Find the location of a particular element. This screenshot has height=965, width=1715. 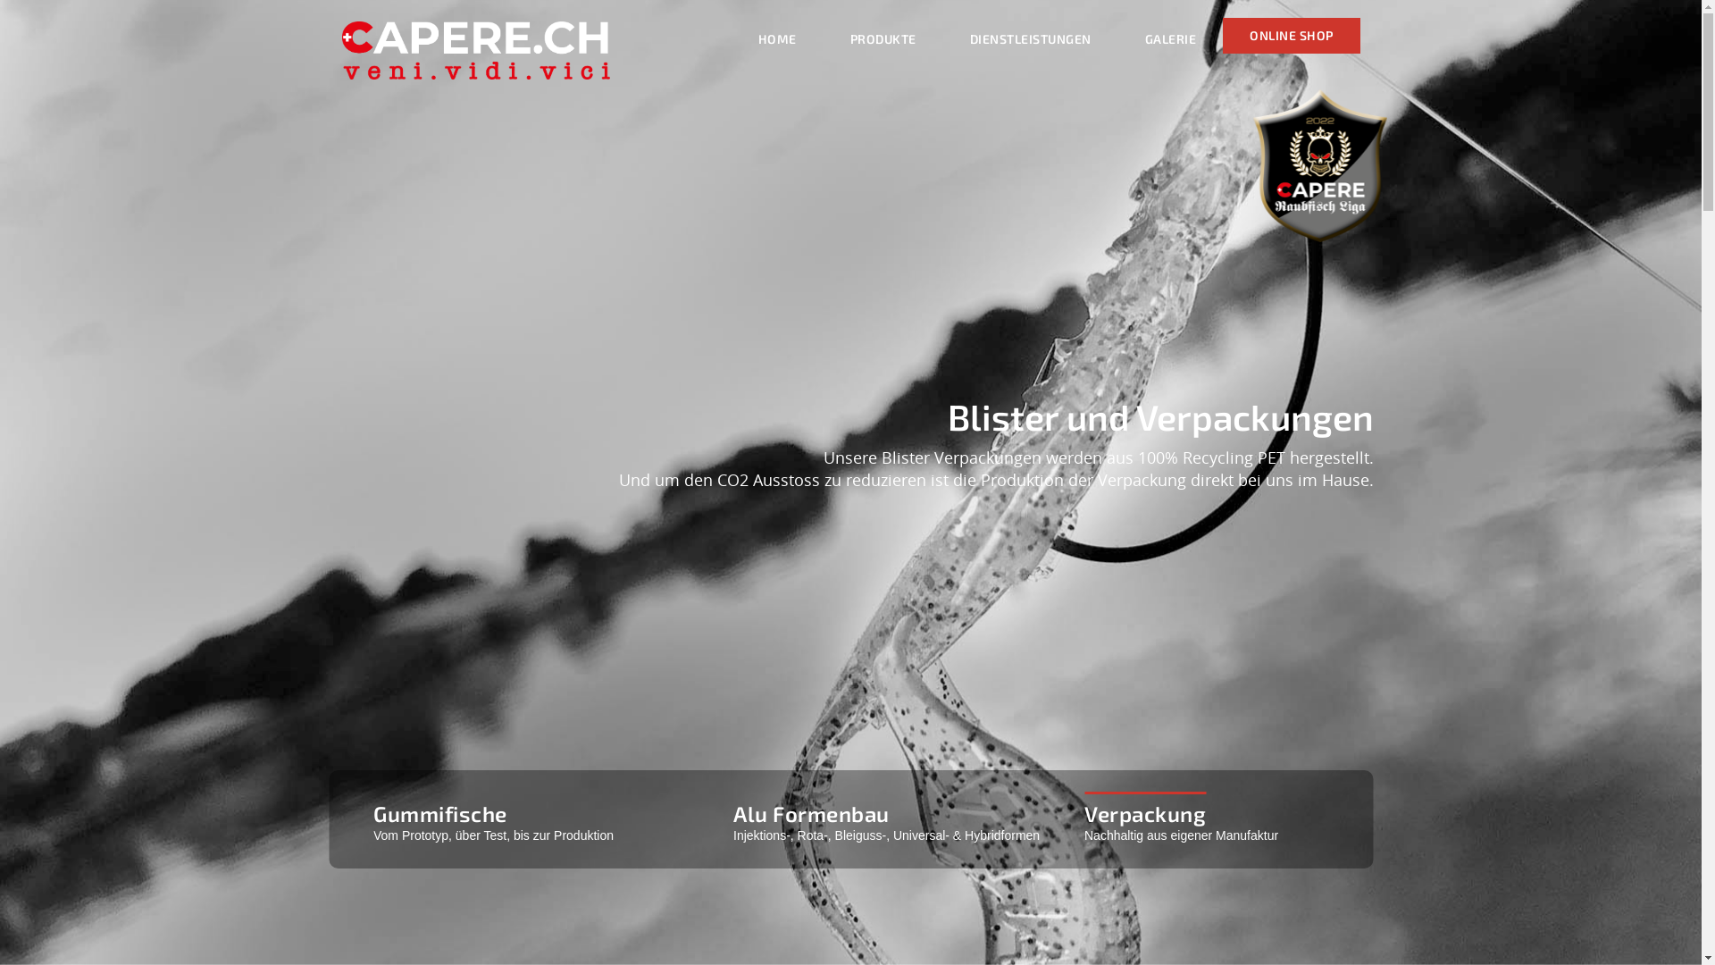

'ONLINE SHOP' is located at coordinates (1291, 35).